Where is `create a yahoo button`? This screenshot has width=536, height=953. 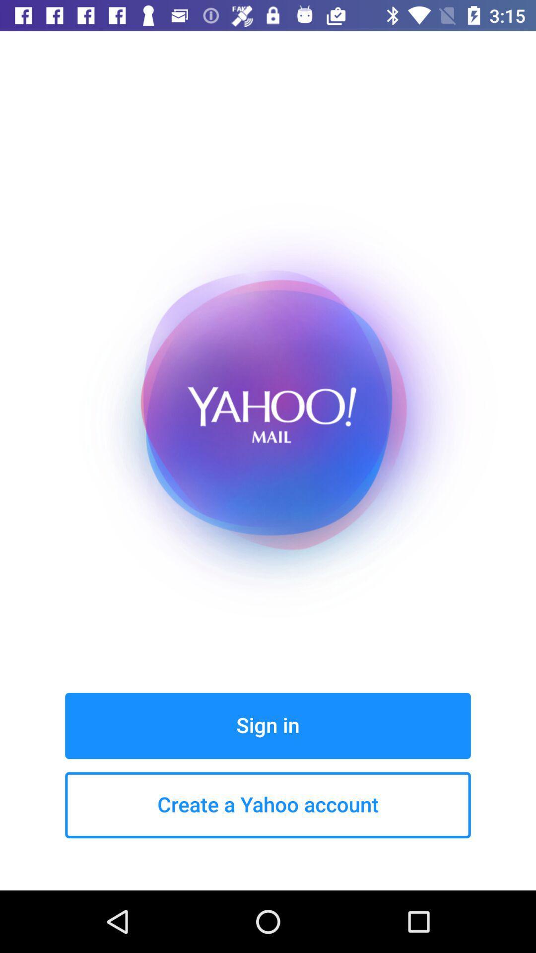
create a yahoo button is located at coordinates (268, 805).